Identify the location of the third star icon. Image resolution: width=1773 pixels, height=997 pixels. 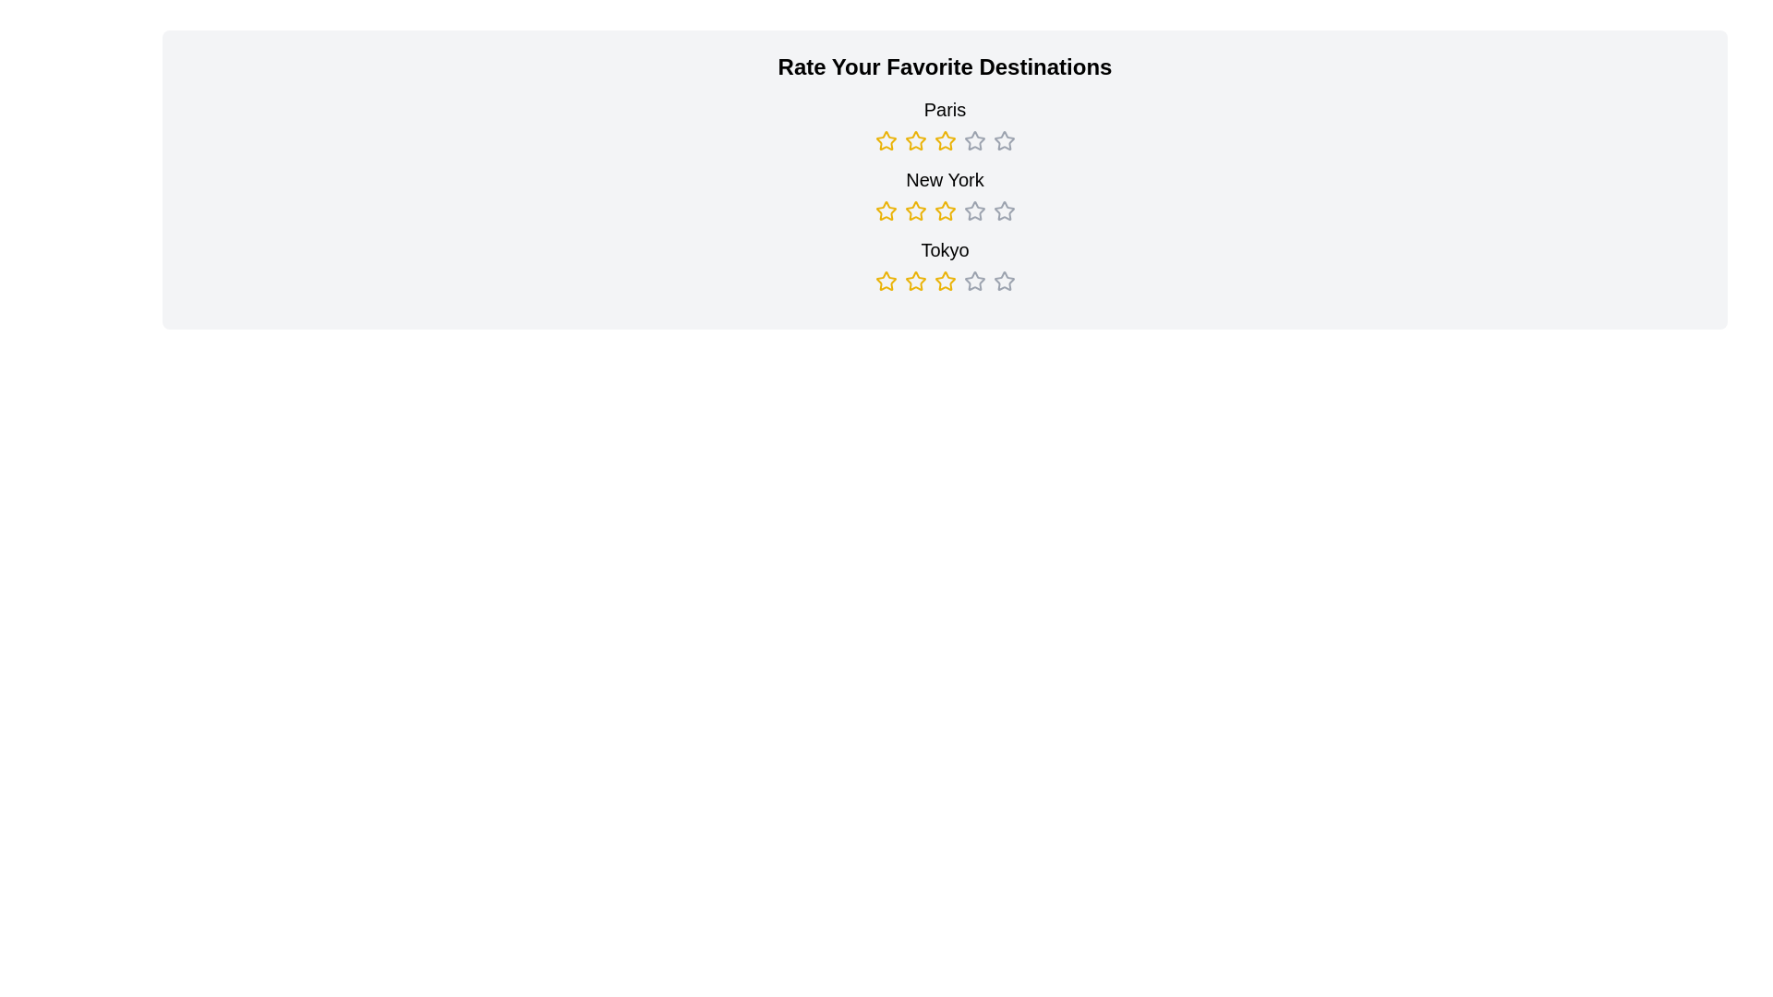
(945, 281).